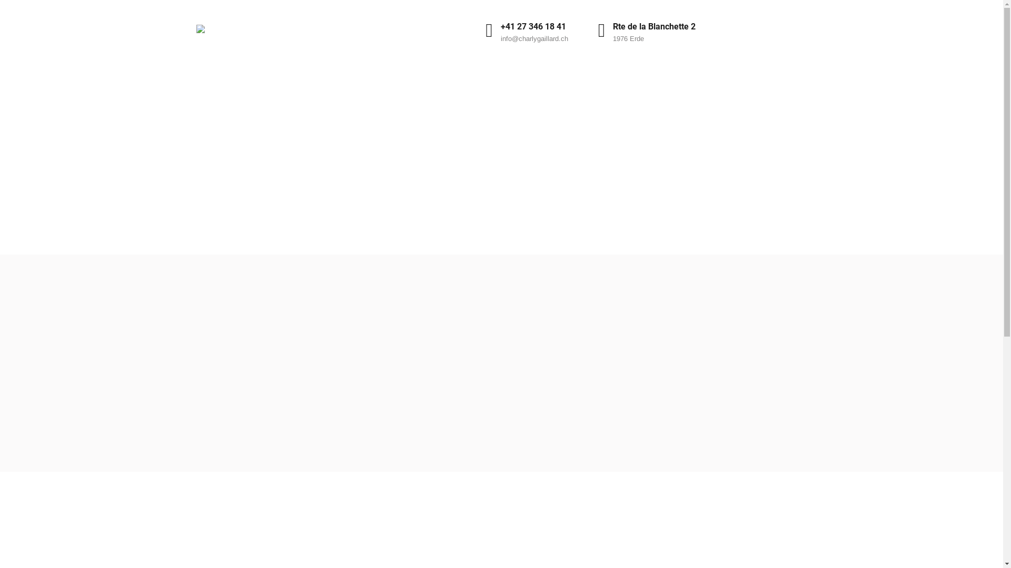 Image resolution: width=1011 pixels, height=568 pixels. Describe the element at coordinates (533, 26) in the screenshot. I see `'+41 27 346 18 41'` at that location.